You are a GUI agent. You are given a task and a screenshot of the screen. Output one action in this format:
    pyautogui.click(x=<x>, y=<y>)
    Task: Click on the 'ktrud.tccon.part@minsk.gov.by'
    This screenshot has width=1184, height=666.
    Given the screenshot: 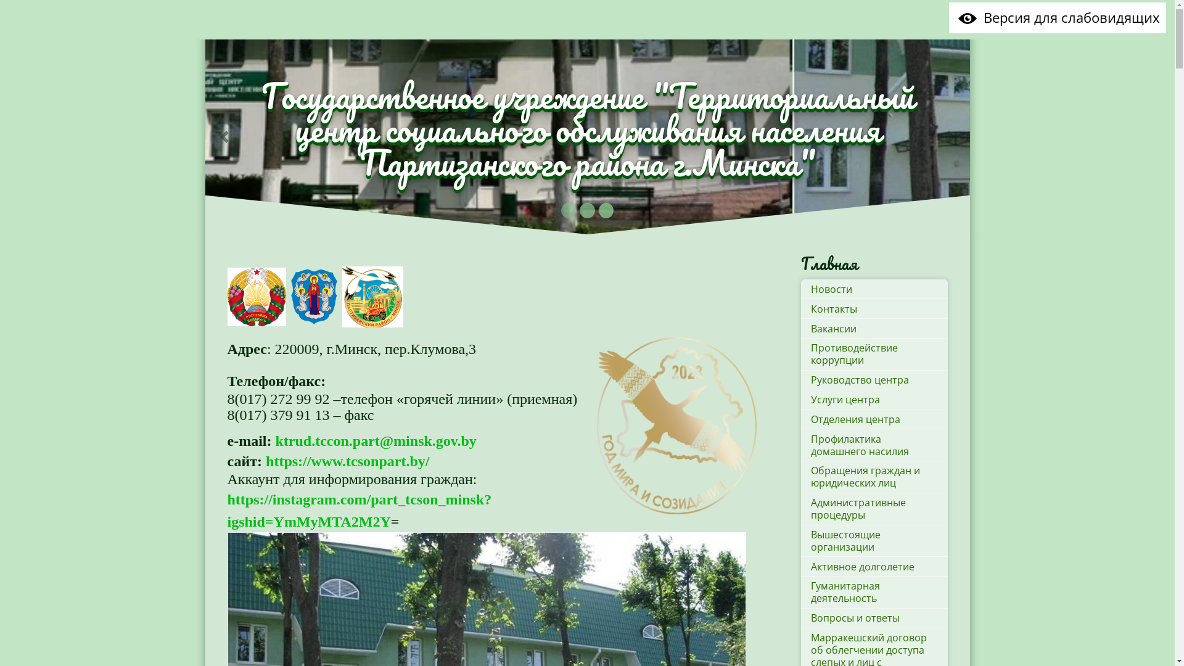 What is the action you would take?
    pyautogui.click(x=375, y=440)
    